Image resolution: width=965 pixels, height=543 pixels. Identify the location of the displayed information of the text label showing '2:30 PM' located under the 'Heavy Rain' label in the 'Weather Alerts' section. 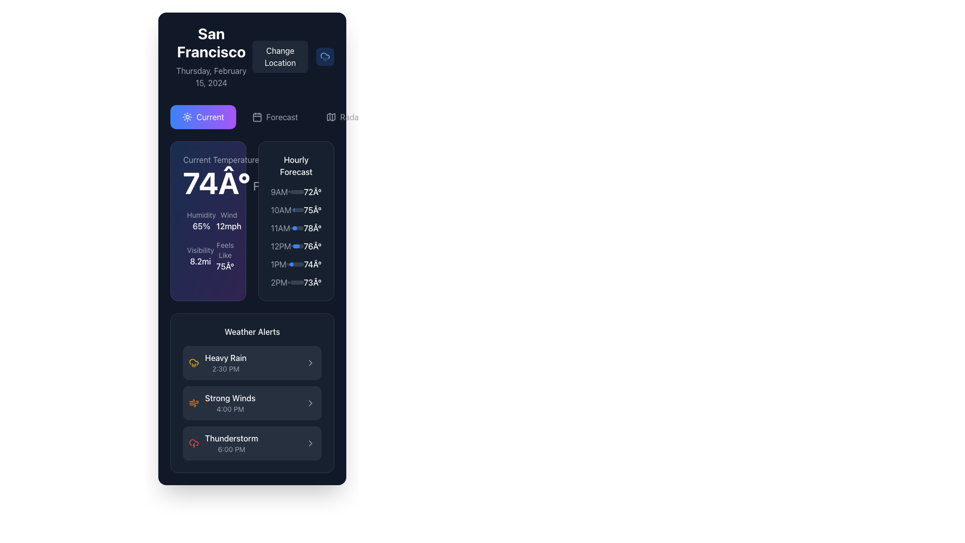
(225, 369).